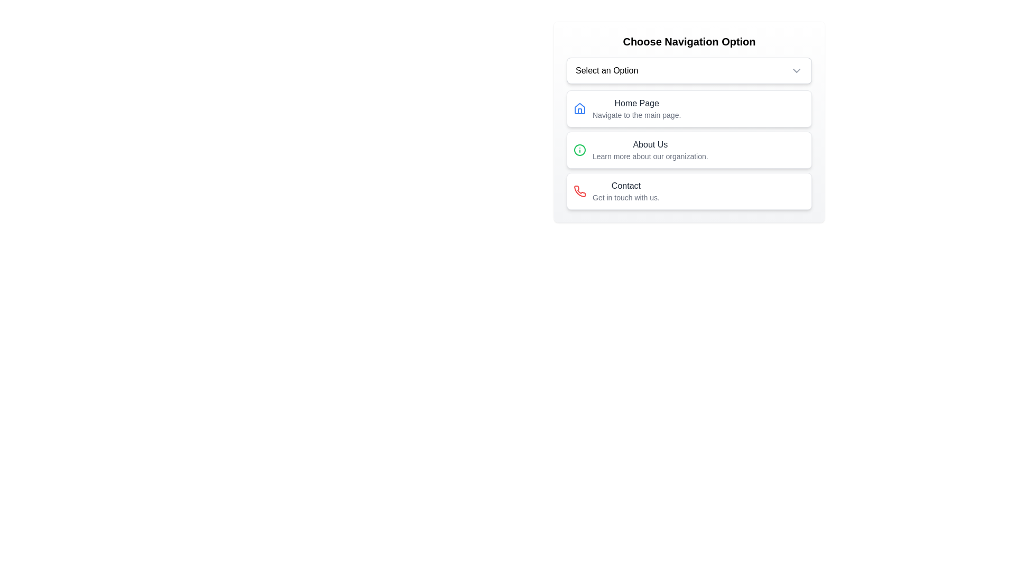 This screenshot has width=1015, height=571. What do you see at coordinates (689, 191) in the screenshot?
I see `the third navigation option that redirects to the contact page, located below 'About Us'` at bounding box center [689, 191].